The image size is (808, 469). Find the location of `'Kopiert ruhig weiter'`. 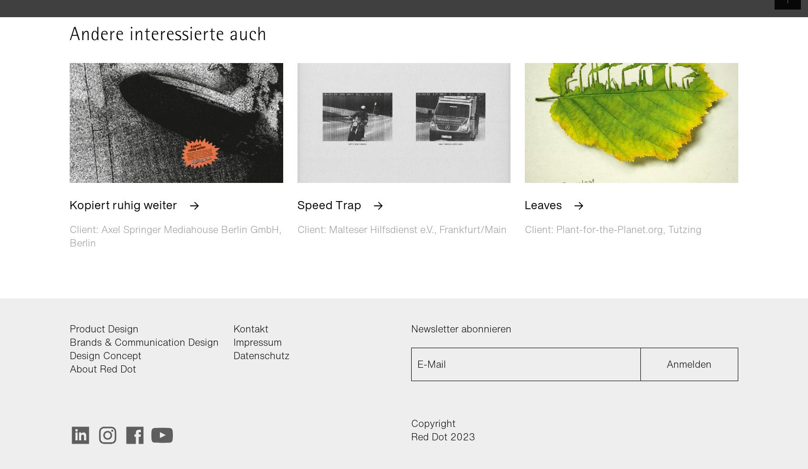

'Kopiert ruhig weiter' is located at coordinates (125, 205).